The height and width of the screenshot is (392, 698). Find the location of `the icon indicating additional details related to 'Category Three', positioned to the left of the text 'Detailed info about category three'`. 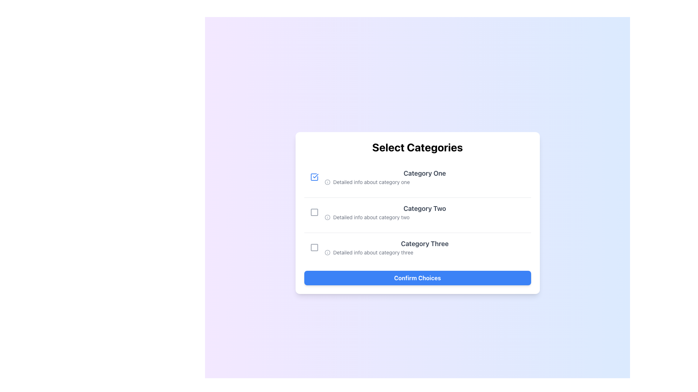

the icon indicating additional details related to 'Category Three', positioned to the left of the text 'Detailed info about category three' is located at coordinates (327, 252).